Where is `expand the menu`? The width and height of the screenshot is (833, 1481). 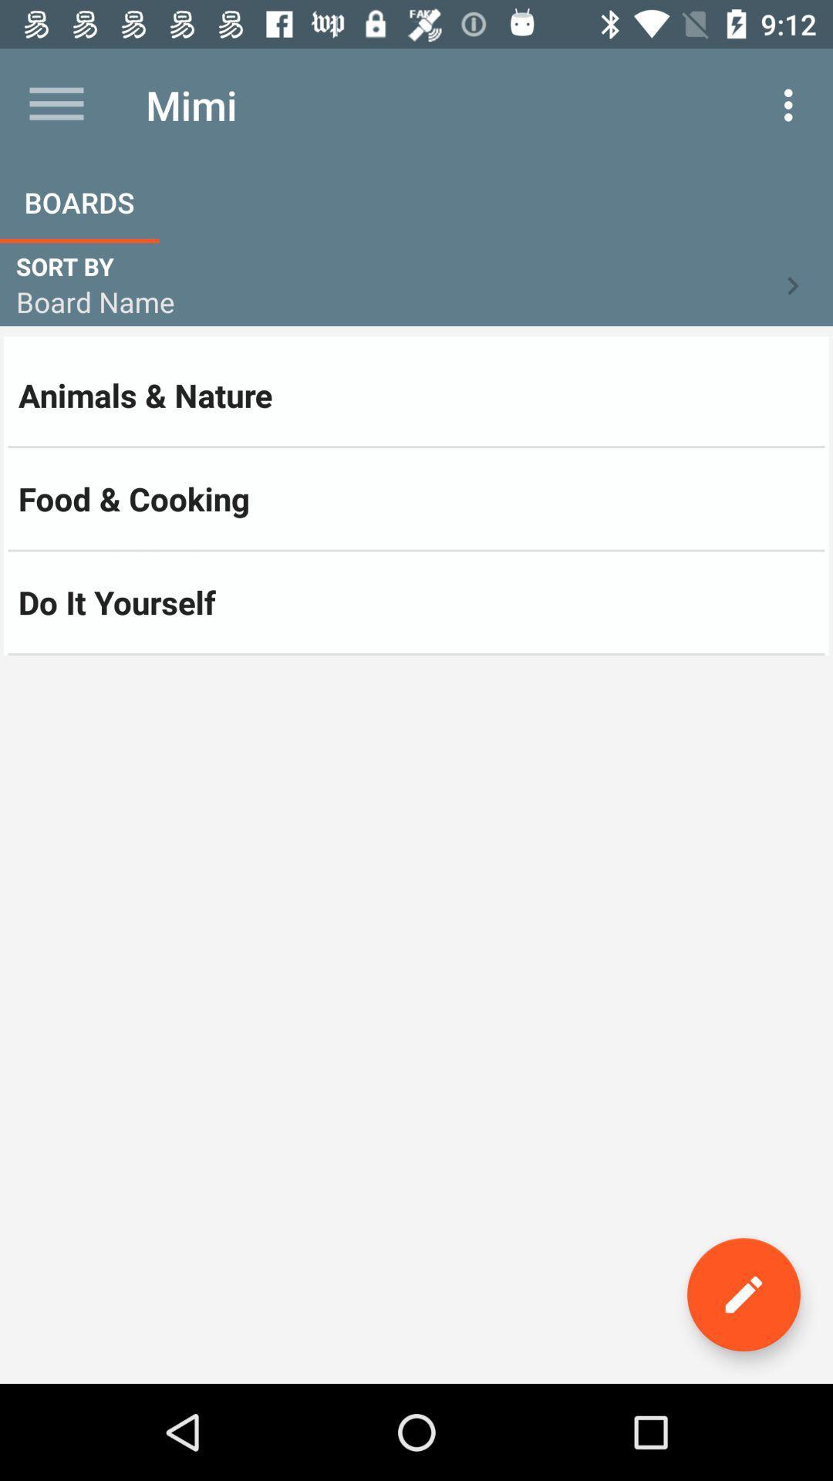
expand the menu is located at coordinates (56, 104).